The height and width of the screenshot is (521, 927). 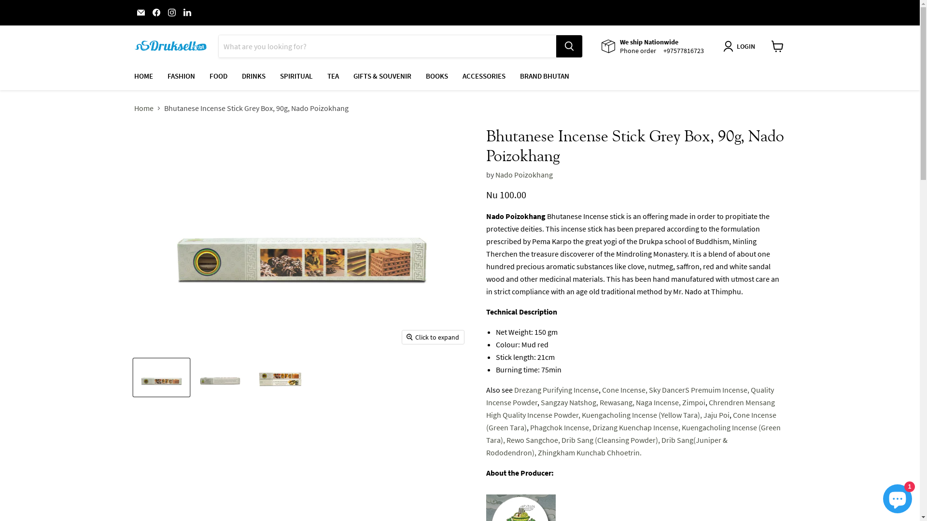 What do you see at coordinates (777, 46) in the screenshot?
I see `'View cart'` at bounding box center [777, 46].